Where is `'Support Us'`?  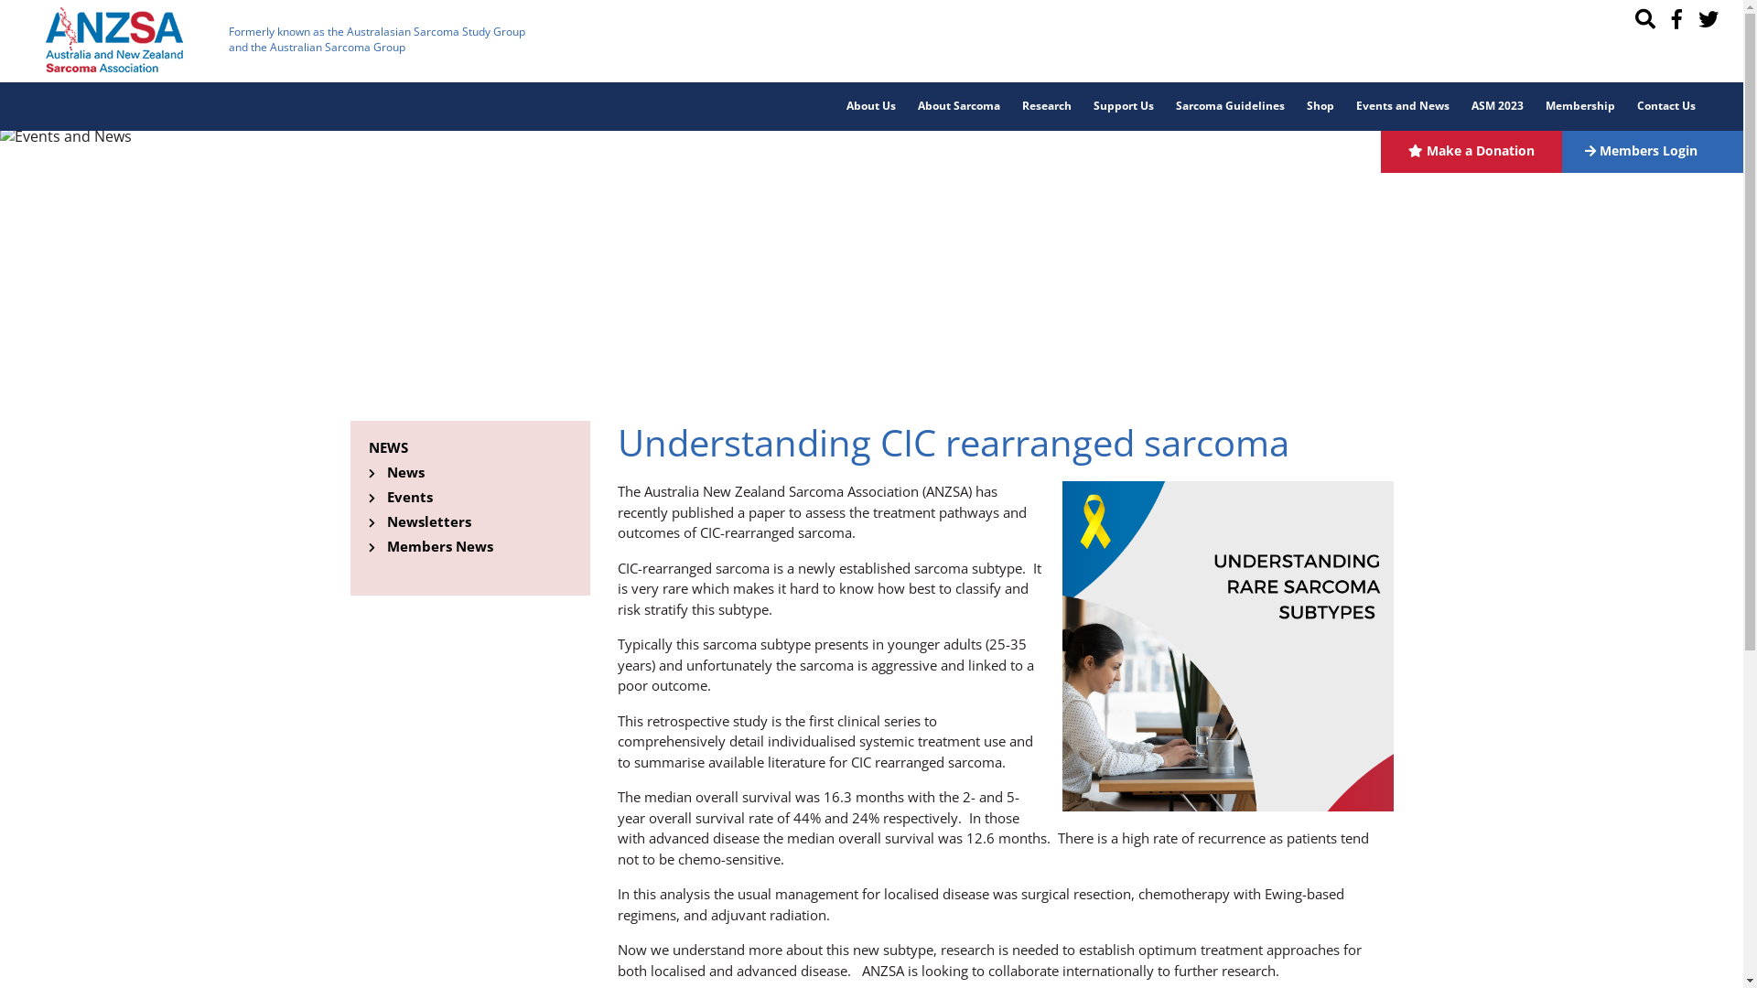 'Support Us' is located at coordinates (1123, 106).